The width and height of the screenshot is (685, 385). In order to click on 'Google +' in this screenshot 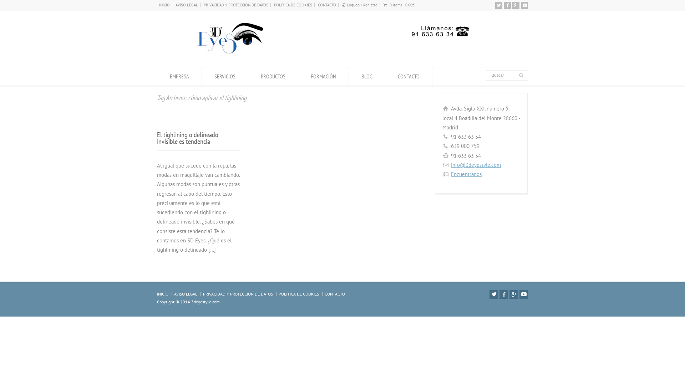, I will do `click(516, 5)`.